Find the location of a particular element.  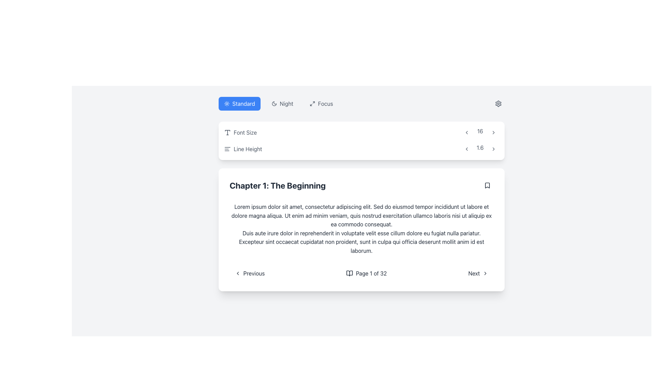

the small rounded rectangular gray button with a left-pointing arrow icon to decrease the value next to the number '16' is located at coordinates (466, 132).